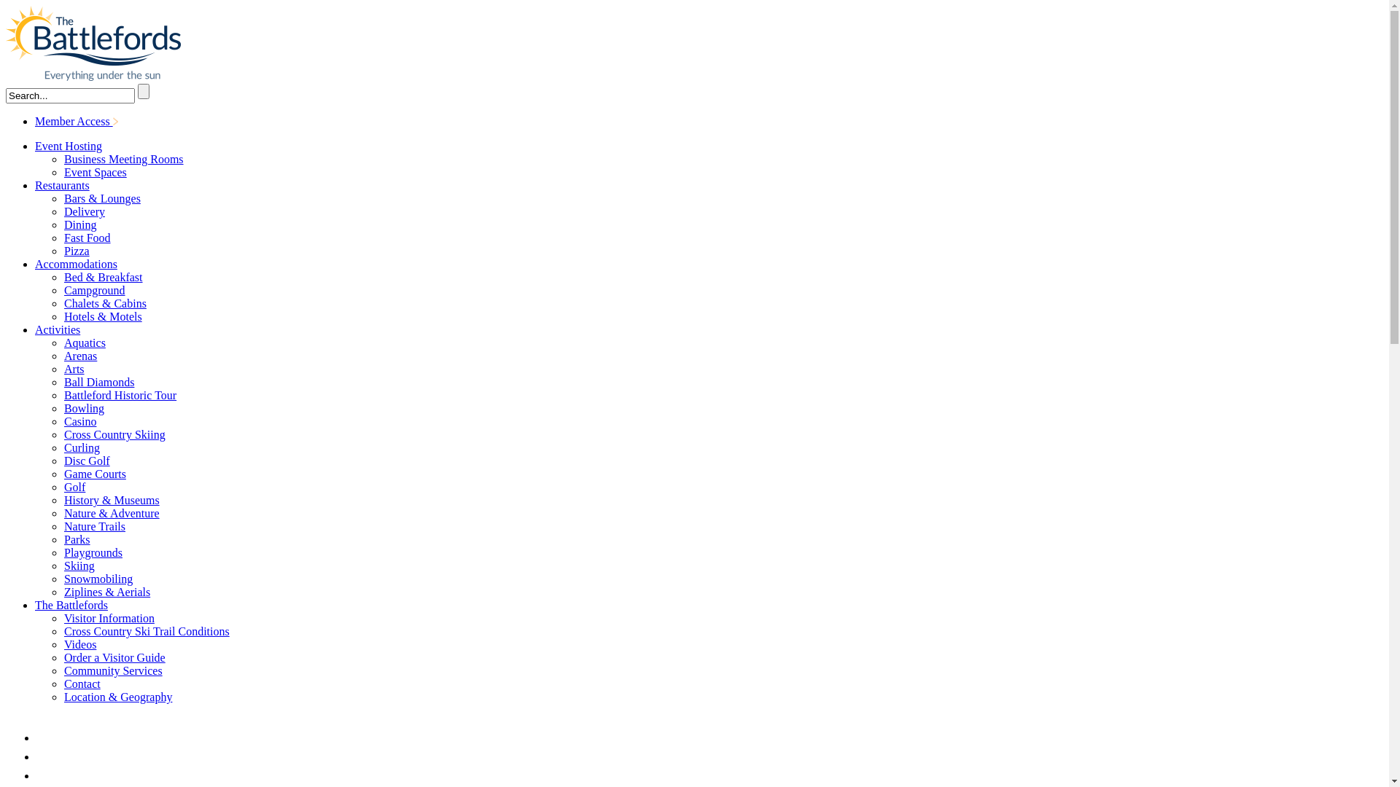 Image resolution: width=1400 pixels, height=787 pixels. What do you see at coordinates (76, 539) in the screenshot?
I see `'Parks'` at bounding box center [76, 539].